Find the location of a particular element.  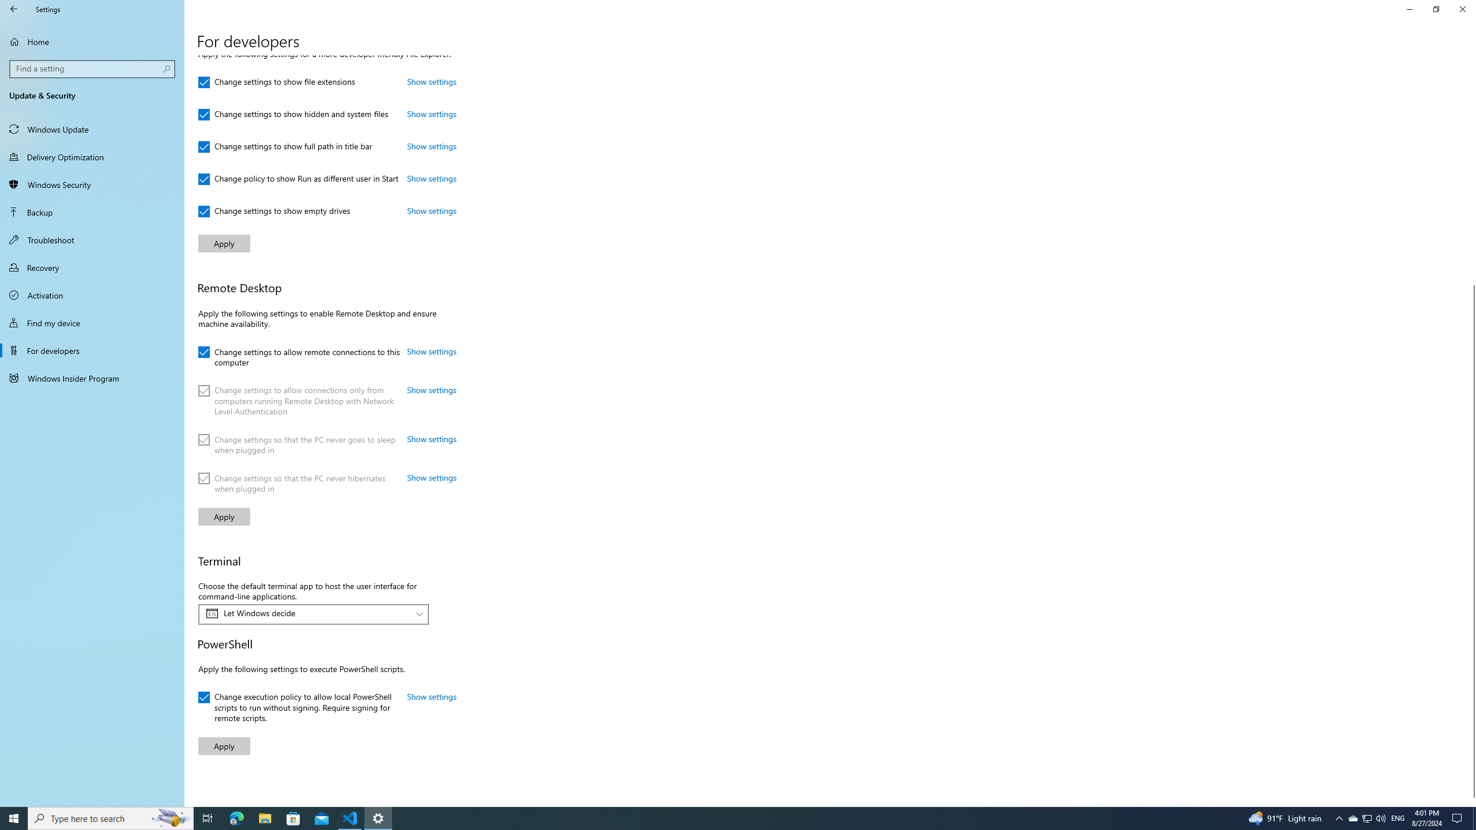

'Backup' is located at coordinates (92, 212).